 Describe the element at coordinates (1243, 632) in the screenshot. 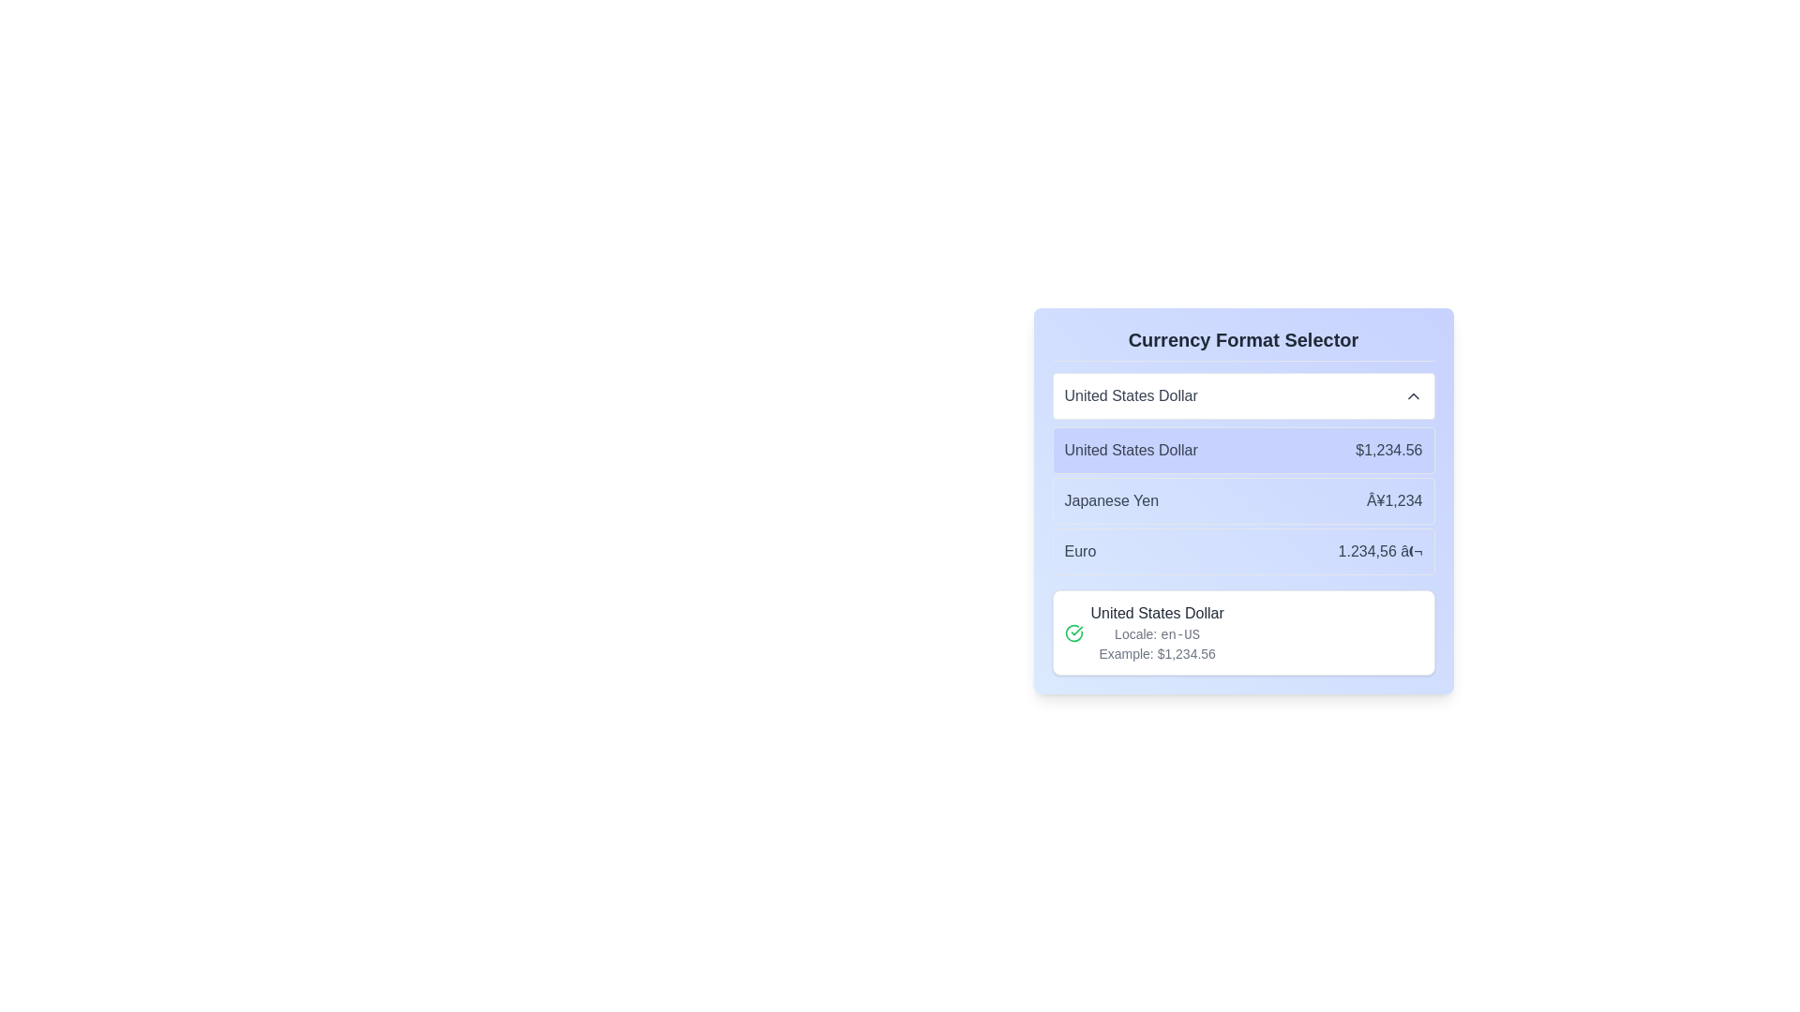

I see `text of the Information card detailing currency formatting for the United States Dollar, located at the bottom of the currency format options list` at that location.